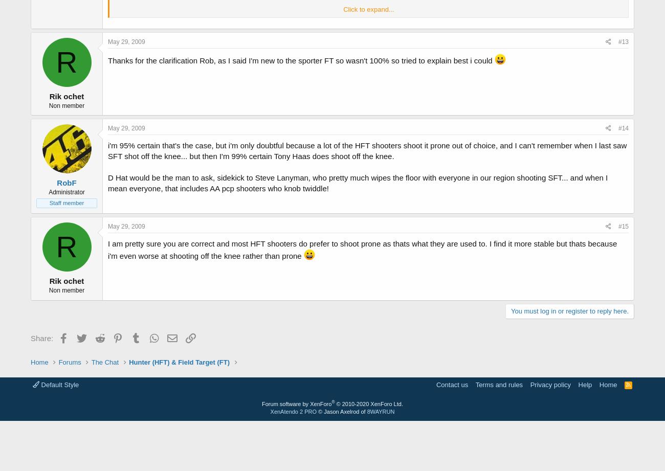  What do you see at coordinates (341, 411) in the screenshot?
I see `'© Jason Axelrod of'` at bounding box center [341, 411].